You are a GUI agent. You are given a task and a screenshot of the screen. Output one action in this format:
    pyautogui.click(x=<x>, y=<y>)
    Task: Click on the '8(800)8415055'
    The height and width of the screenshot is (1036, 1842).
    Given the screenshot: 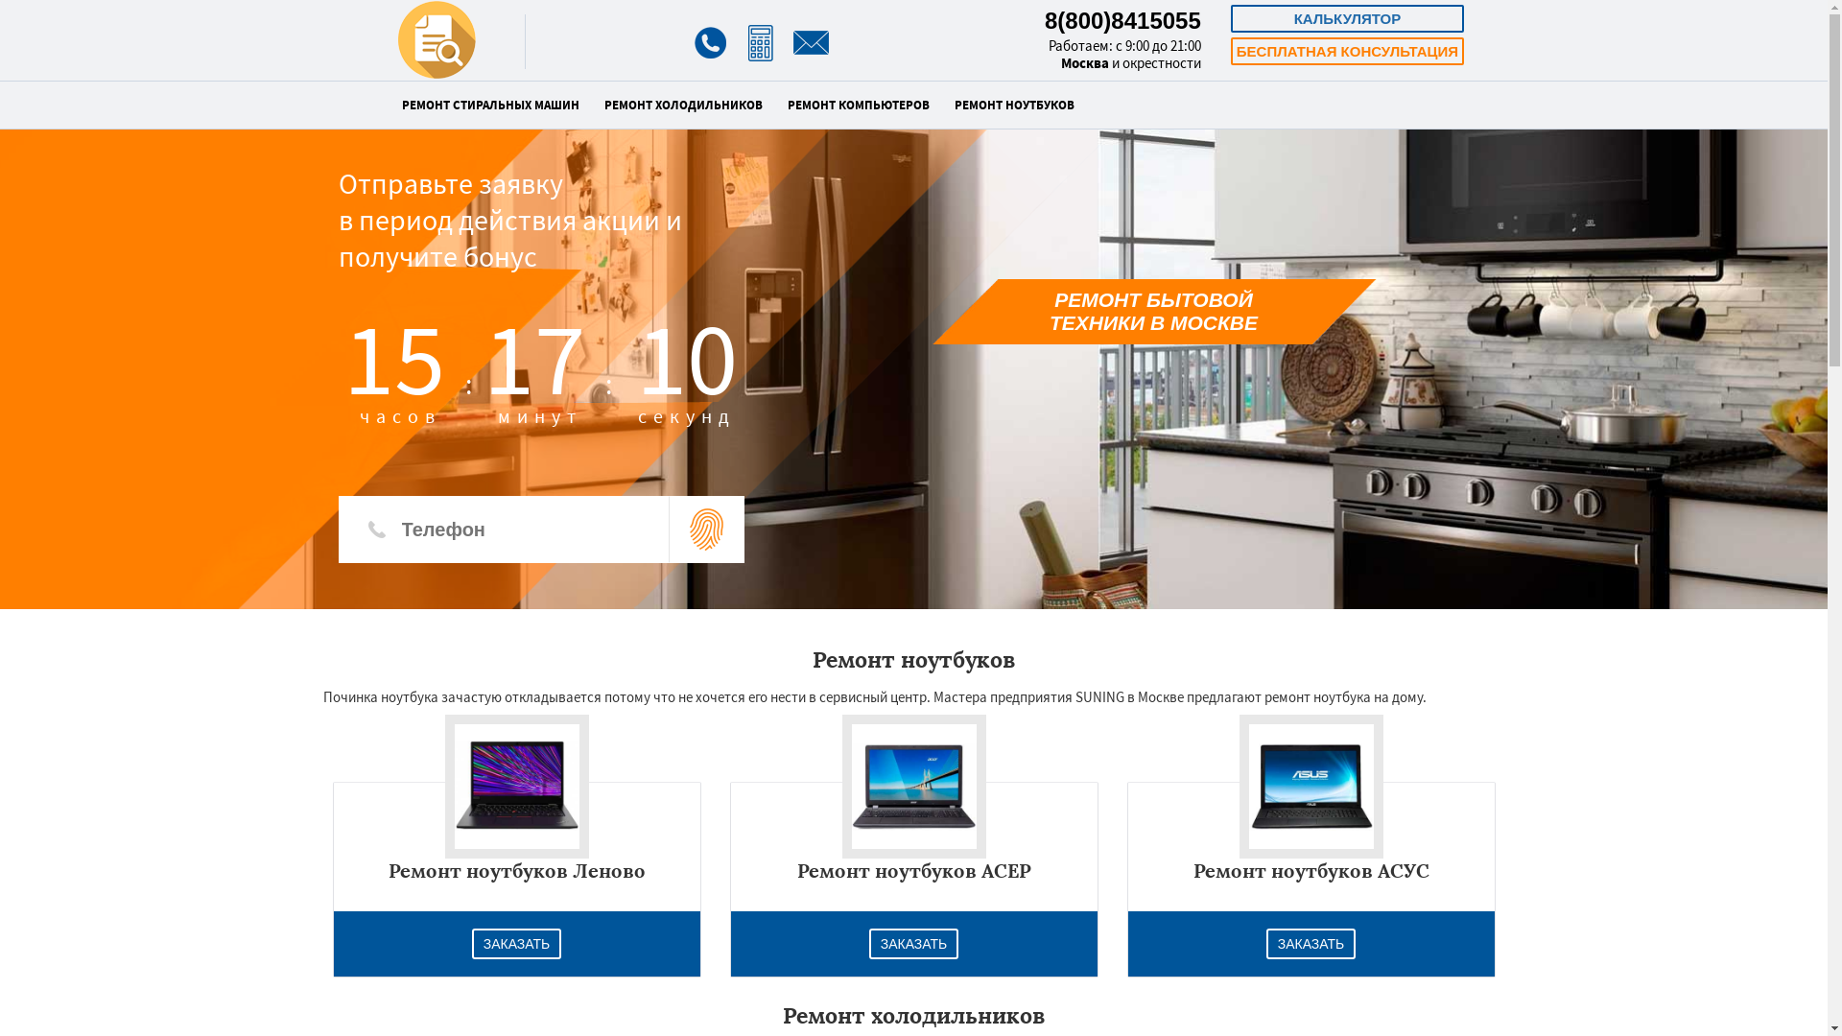 What is the action you would take?
    pyautogui.click(x=1122, y=20)
    